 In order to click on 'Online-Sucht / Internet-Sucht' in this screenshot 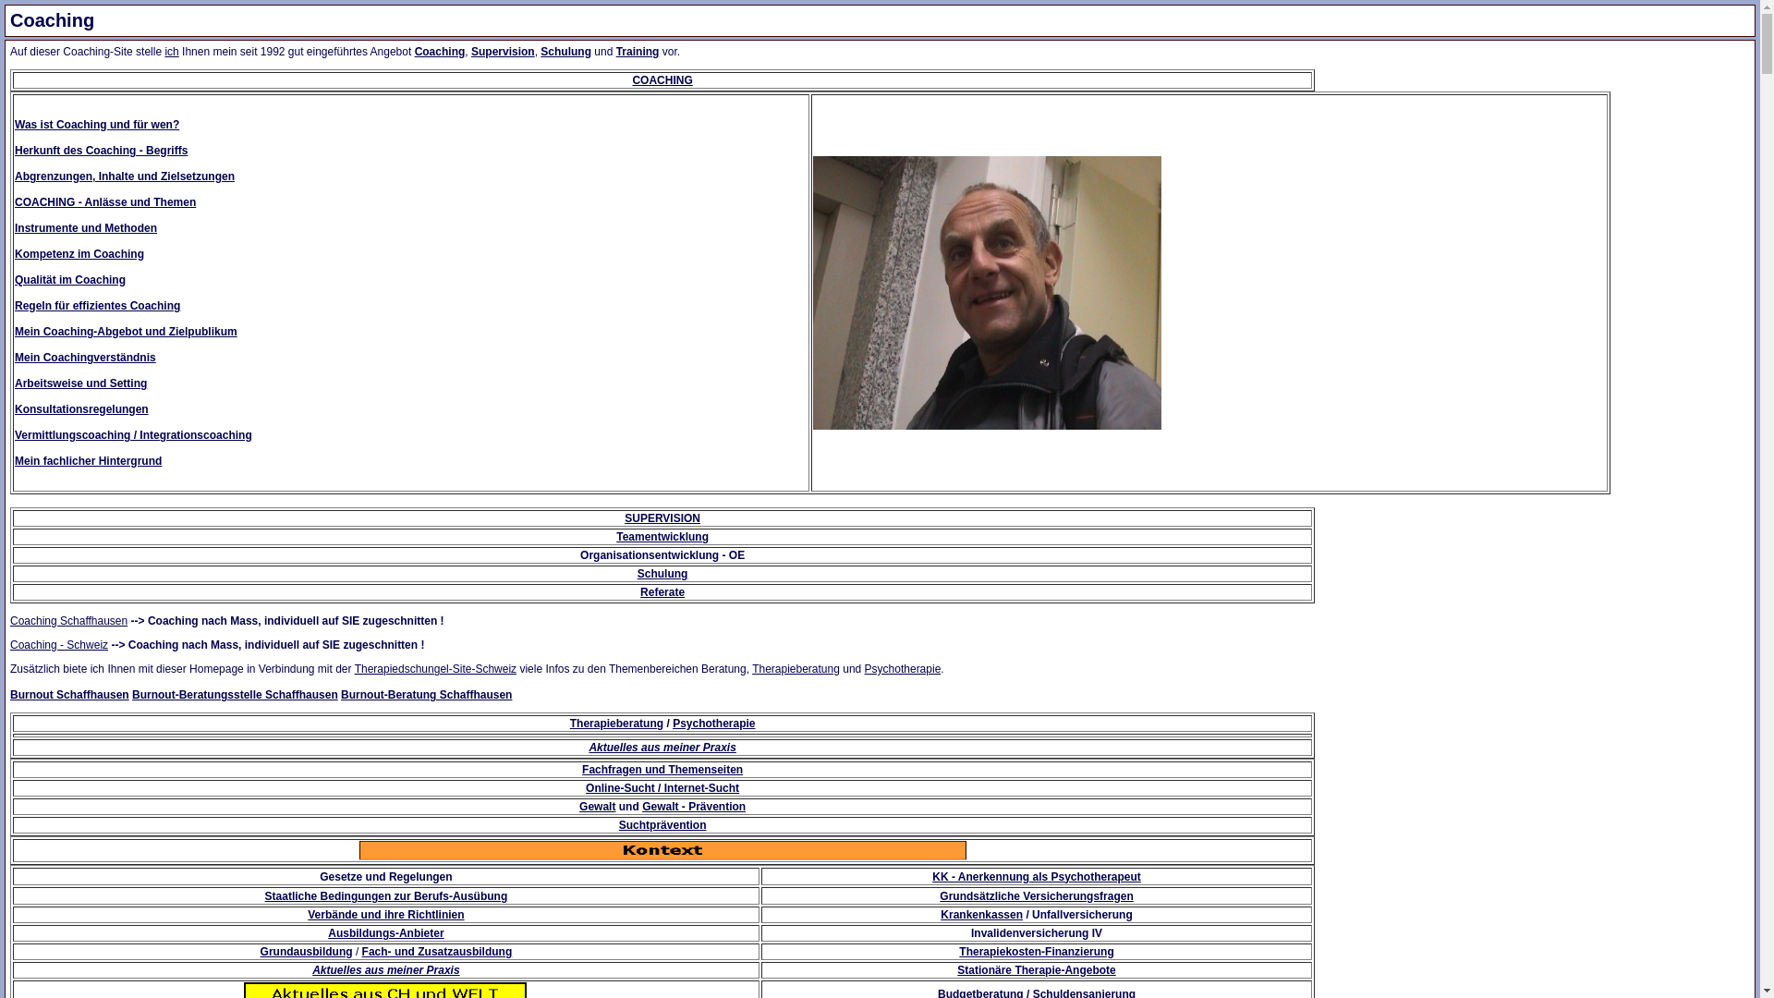, I will do `click(662, 787)`.